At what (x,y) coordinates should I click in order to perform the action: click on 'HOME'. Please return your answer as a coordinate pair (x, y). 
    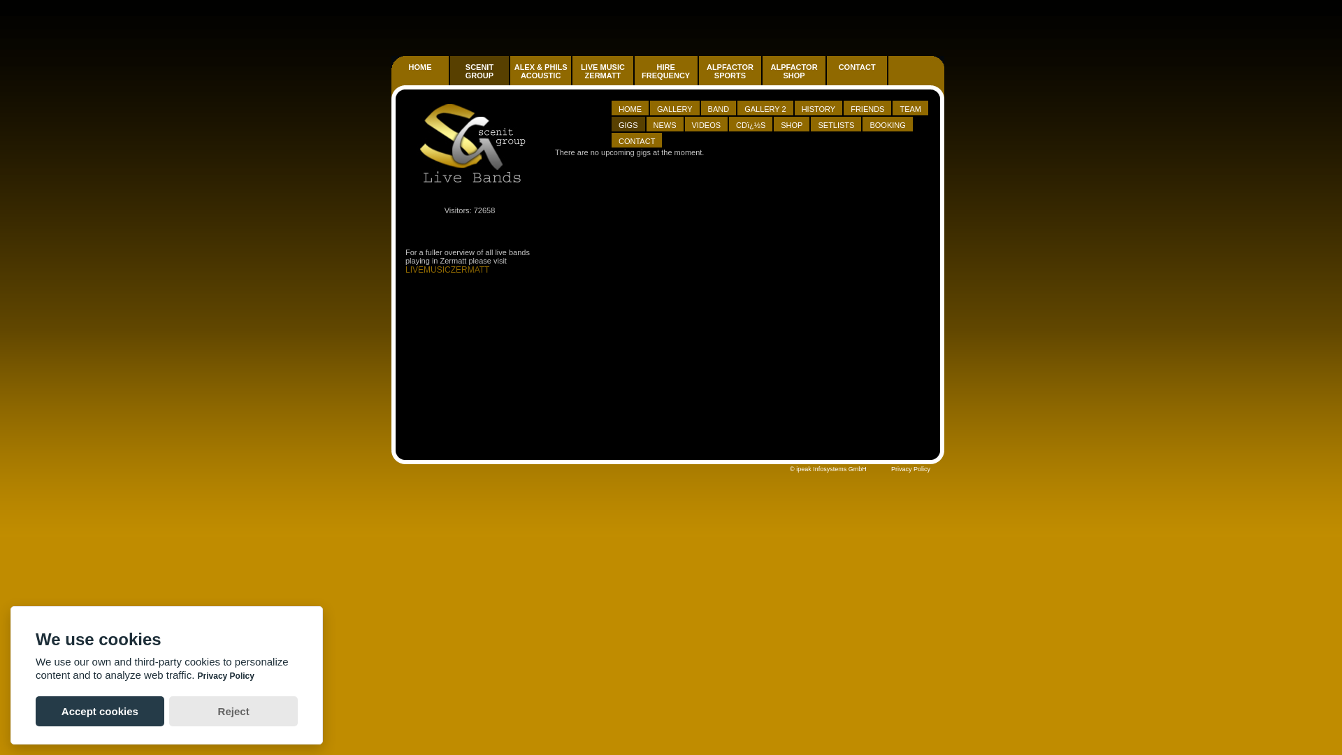
    Looking at the image, I should click on (629, 108).